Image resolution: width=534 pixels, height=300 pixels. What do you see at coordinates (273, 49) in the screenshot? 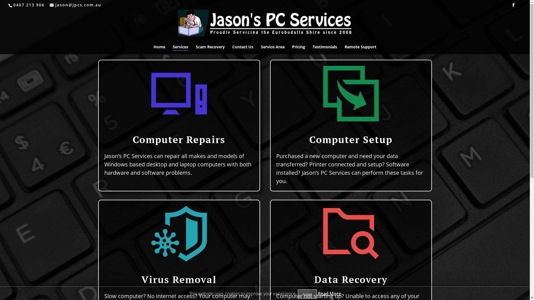
I see `'Service Area'` at bounding box center [273, 49].